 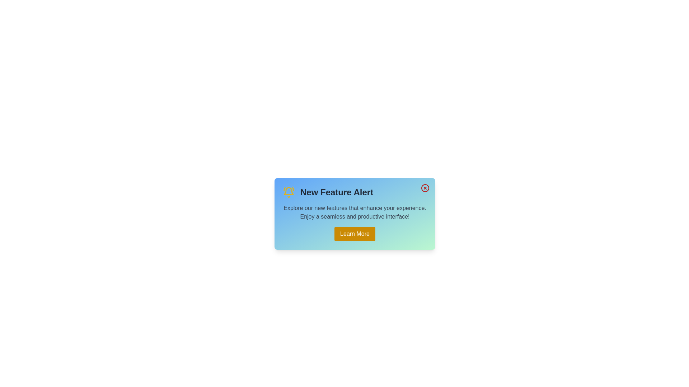 What do you see at coordinates (355, 234) in the screenshot?
I see `the 'Learn More' button to explore additional information` at bounding box center [355, 234].